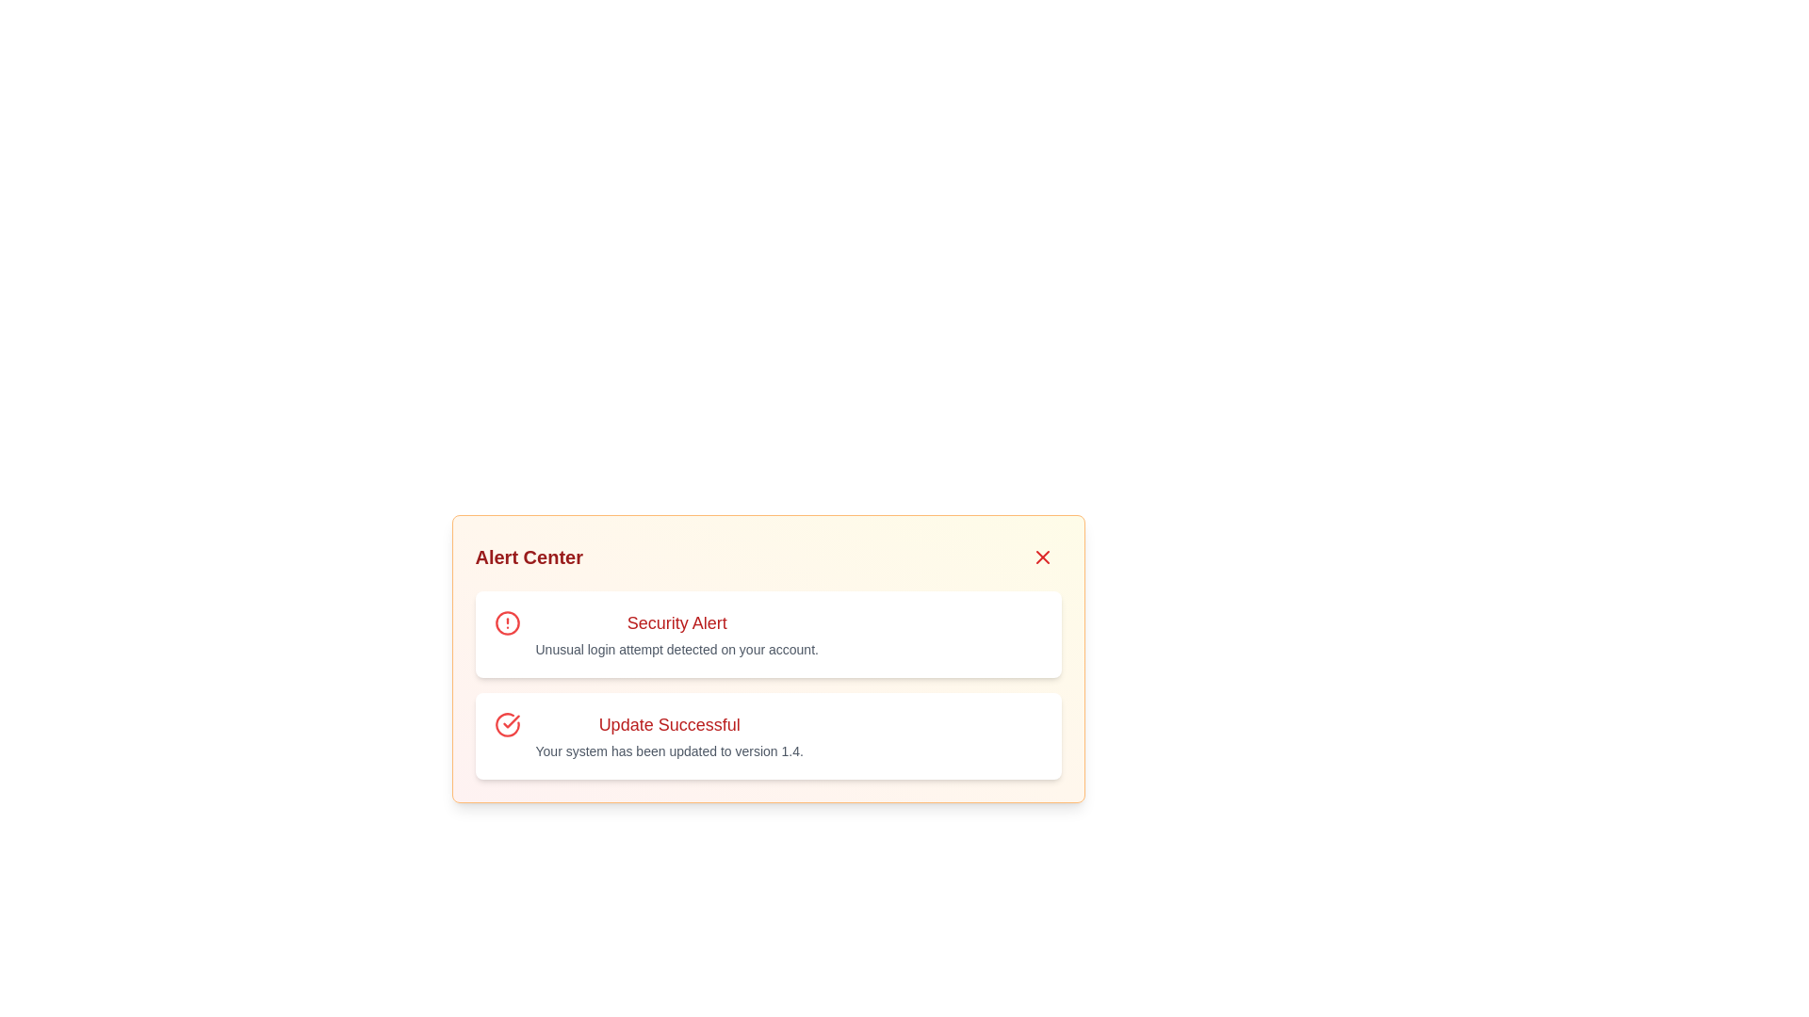 The image size is (1809, 1017). What do you see at coordinates (676, 649) in the screenshot?
I see `static text that displays 'Unusual login attempt detected on your account.' located beneath the 'Security Alert' headline in the 'Alert Center' section` at bounding box center [676, 649].